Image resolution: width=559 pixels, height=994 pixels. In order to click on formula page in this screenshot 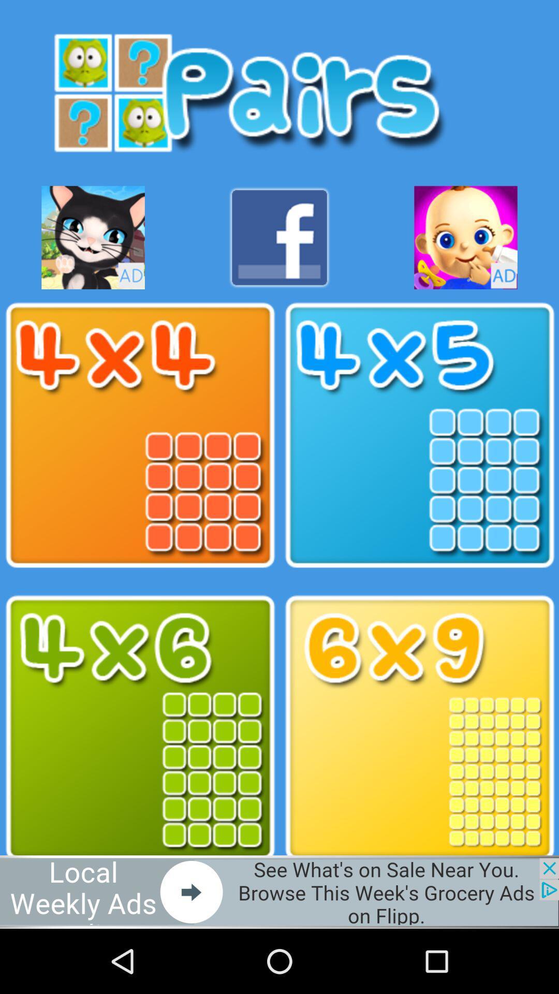, I will do `click(140, 727)`.